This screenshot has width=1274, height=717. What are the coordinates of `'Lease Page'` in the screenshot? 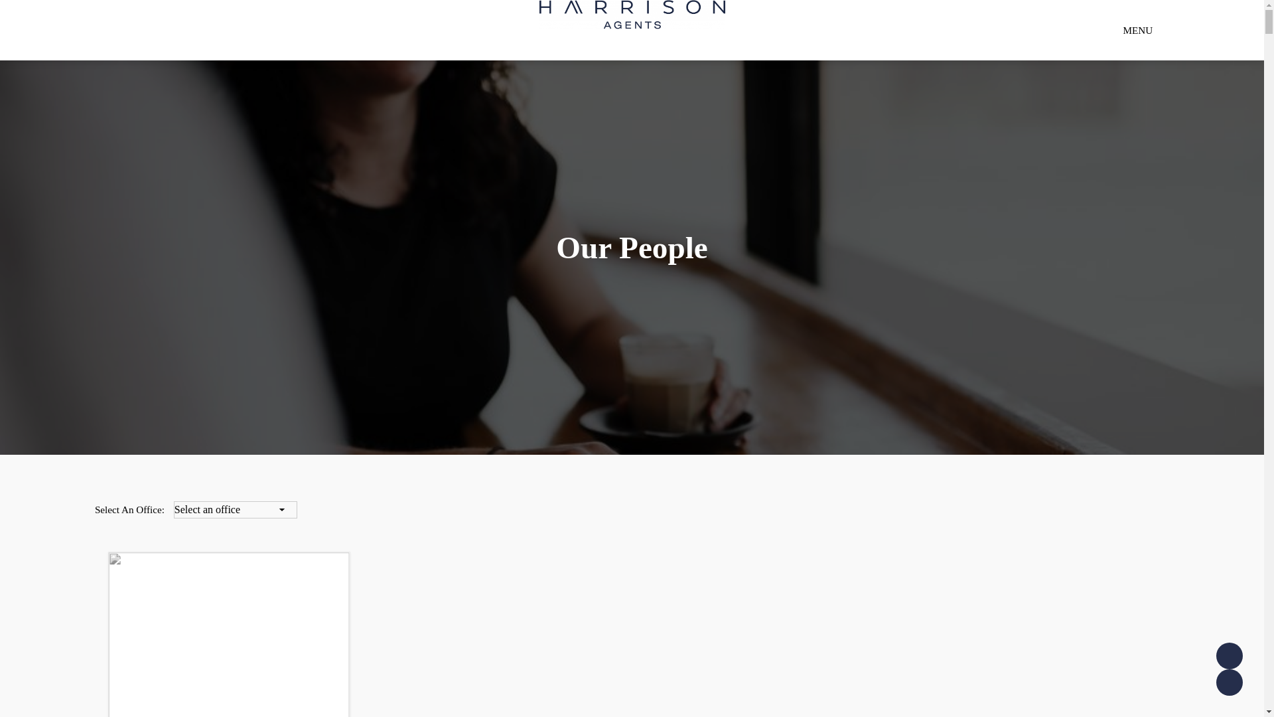 It's located at (1228, 682).